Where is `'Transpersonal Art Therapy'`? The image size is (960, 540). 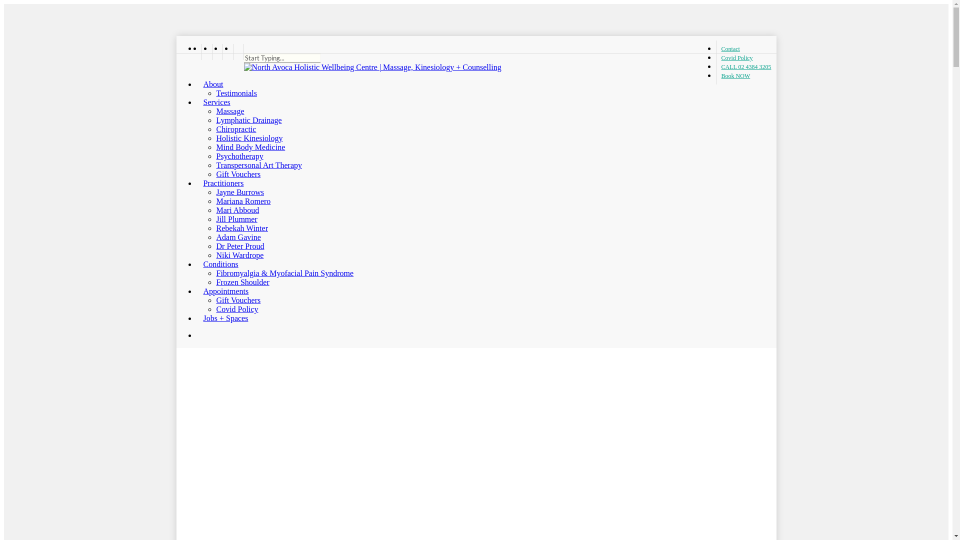
'Transpersonal Art Therapy' is located at coordinates (259, 164).